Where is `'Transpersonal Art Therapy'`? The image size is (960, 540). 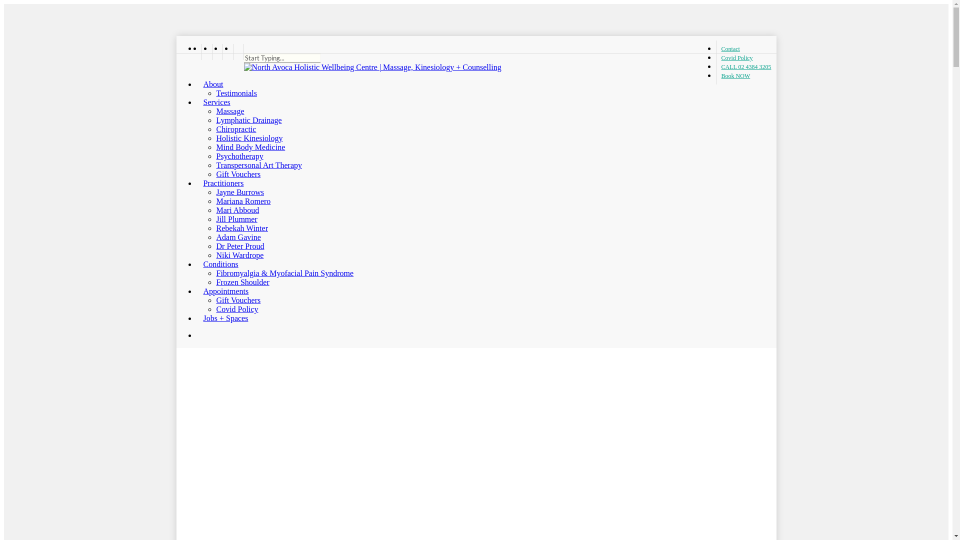
'Transpersonal Art Therapy' is located at coordinates (259, 164).